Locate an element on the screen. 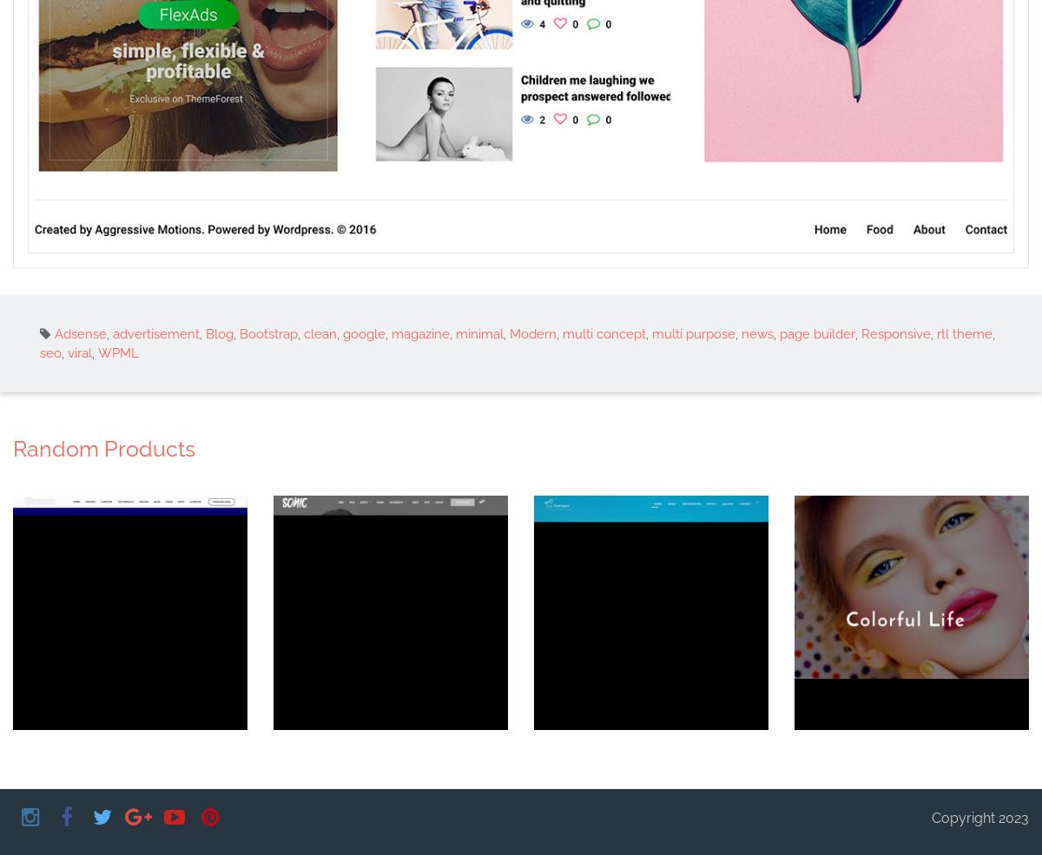 This screenshot has width=1042, height=855. 'Adsense' is located at coordinates (81, 332).